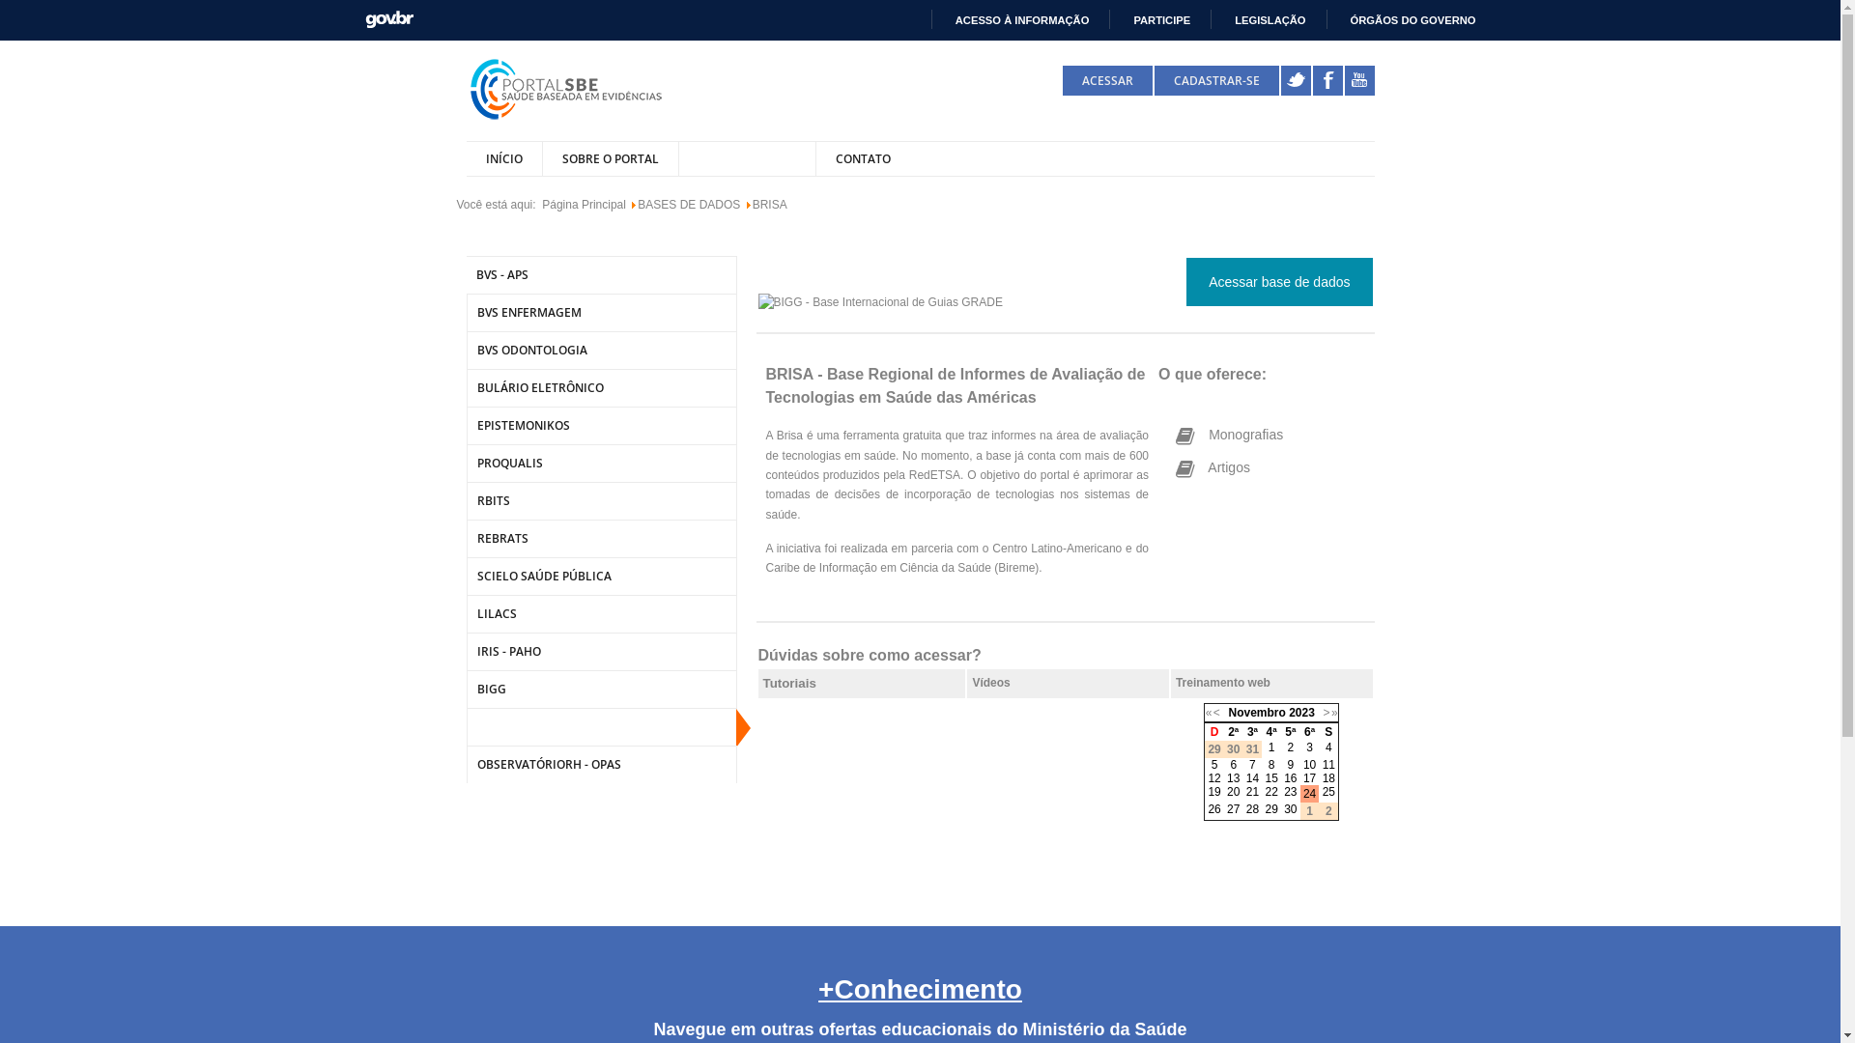  I want to click on '24', so click(1309, 793).